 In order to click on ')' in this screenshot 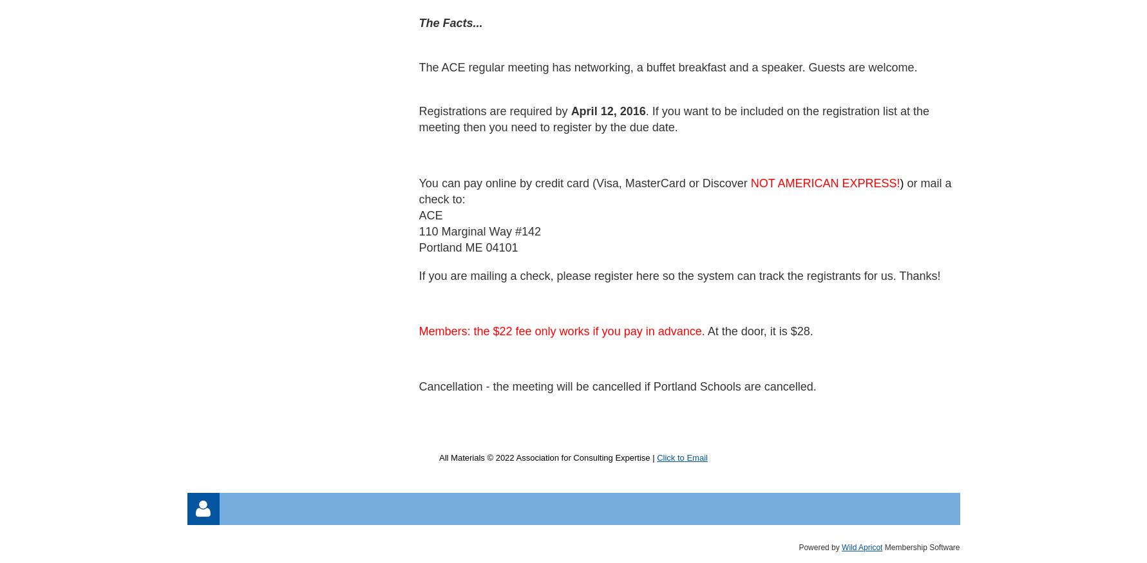, I will do `click(899, 182)`.